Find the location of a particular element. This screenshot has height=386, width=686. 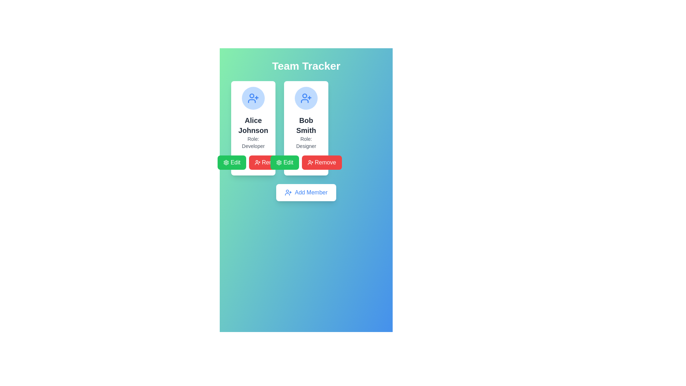

the first button associated with 'Alice Johnson - Developer' to observe the hover effect is located at coordinates (232, 163).